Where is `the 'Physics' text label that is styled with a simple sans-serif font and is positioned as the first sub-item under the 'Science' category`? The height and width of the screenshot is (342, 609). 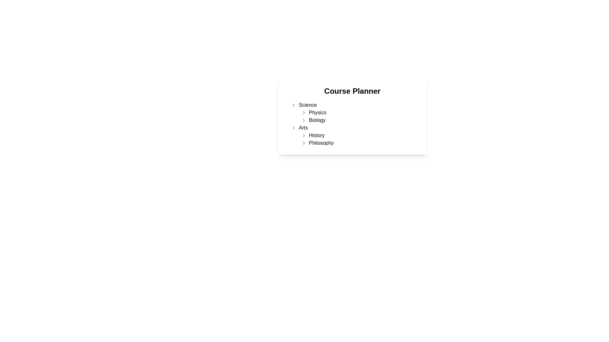
the 'Physics' text label that is styled with a simple sans-serif font and is positioned as the first sub-item under the 'Science' category is located at coordinates (318, 112).